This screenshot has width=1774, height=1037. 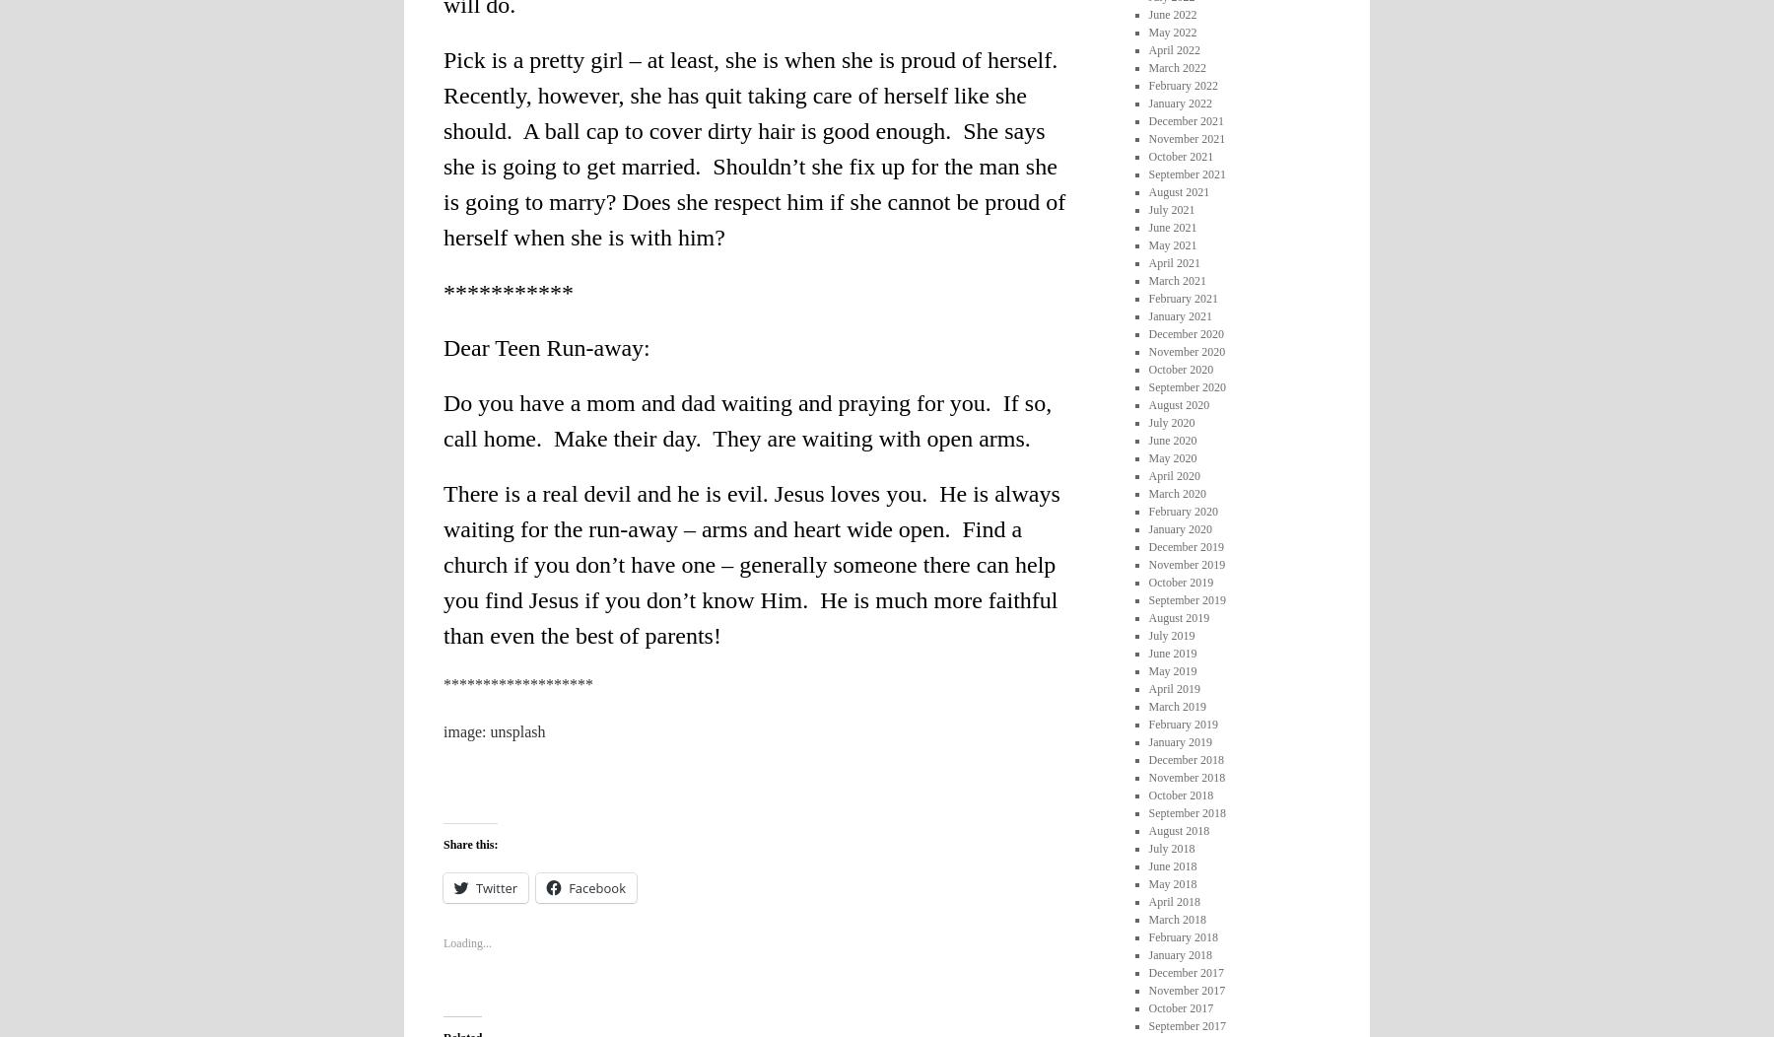 What do you see at coordinates (1175, 705) in the screenshot?
I see `'March 2019'` at bounding box center [1175, 705].